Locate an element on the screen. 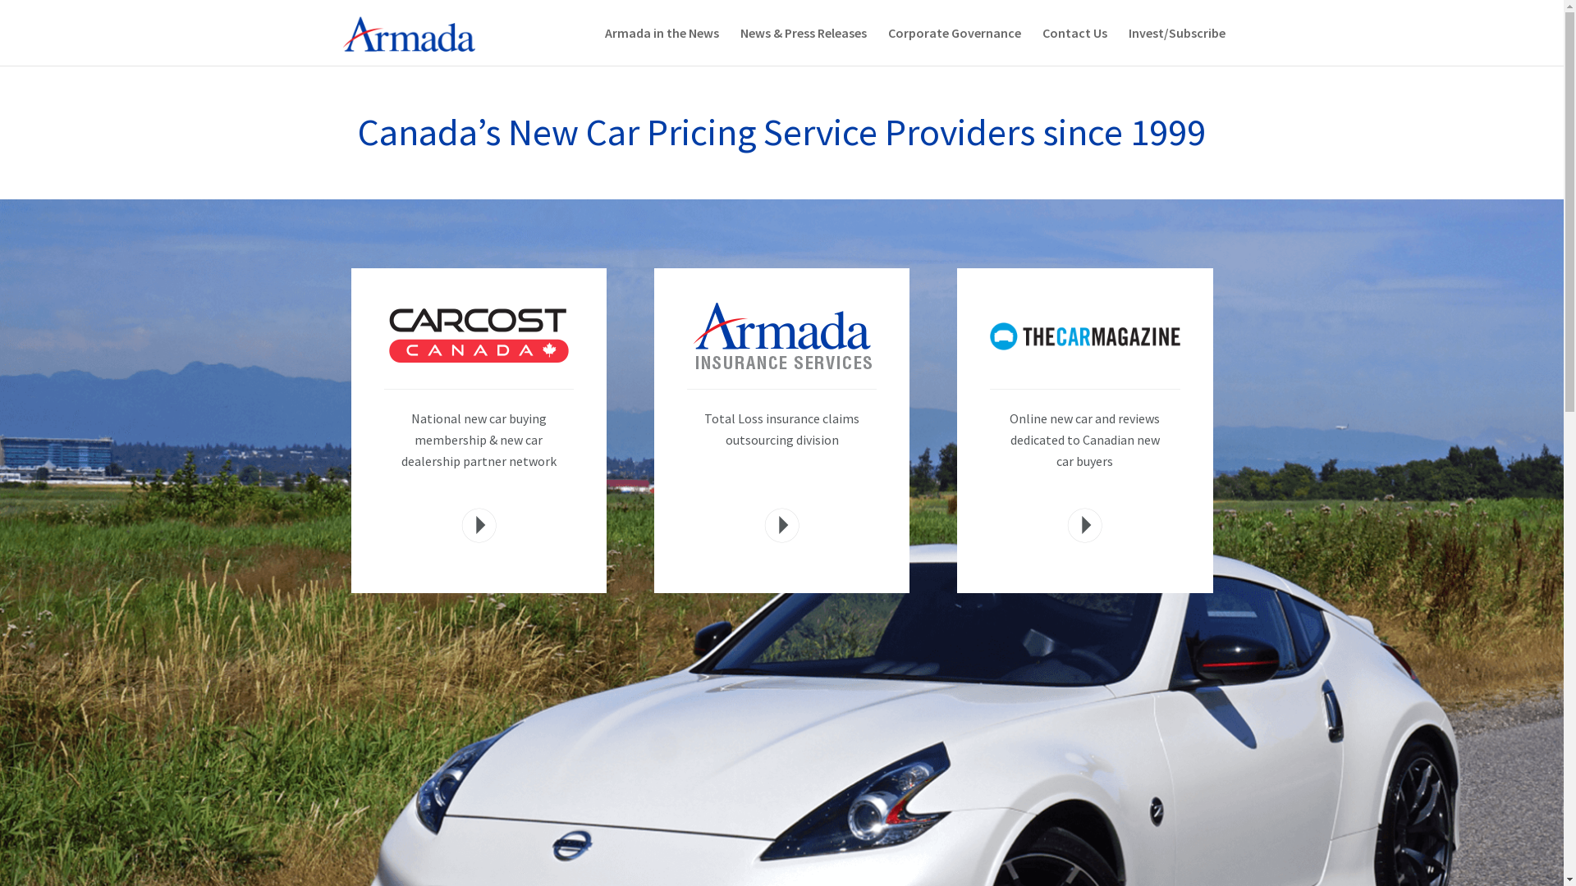  'car-mag' is located at coordinates (1084, 335).